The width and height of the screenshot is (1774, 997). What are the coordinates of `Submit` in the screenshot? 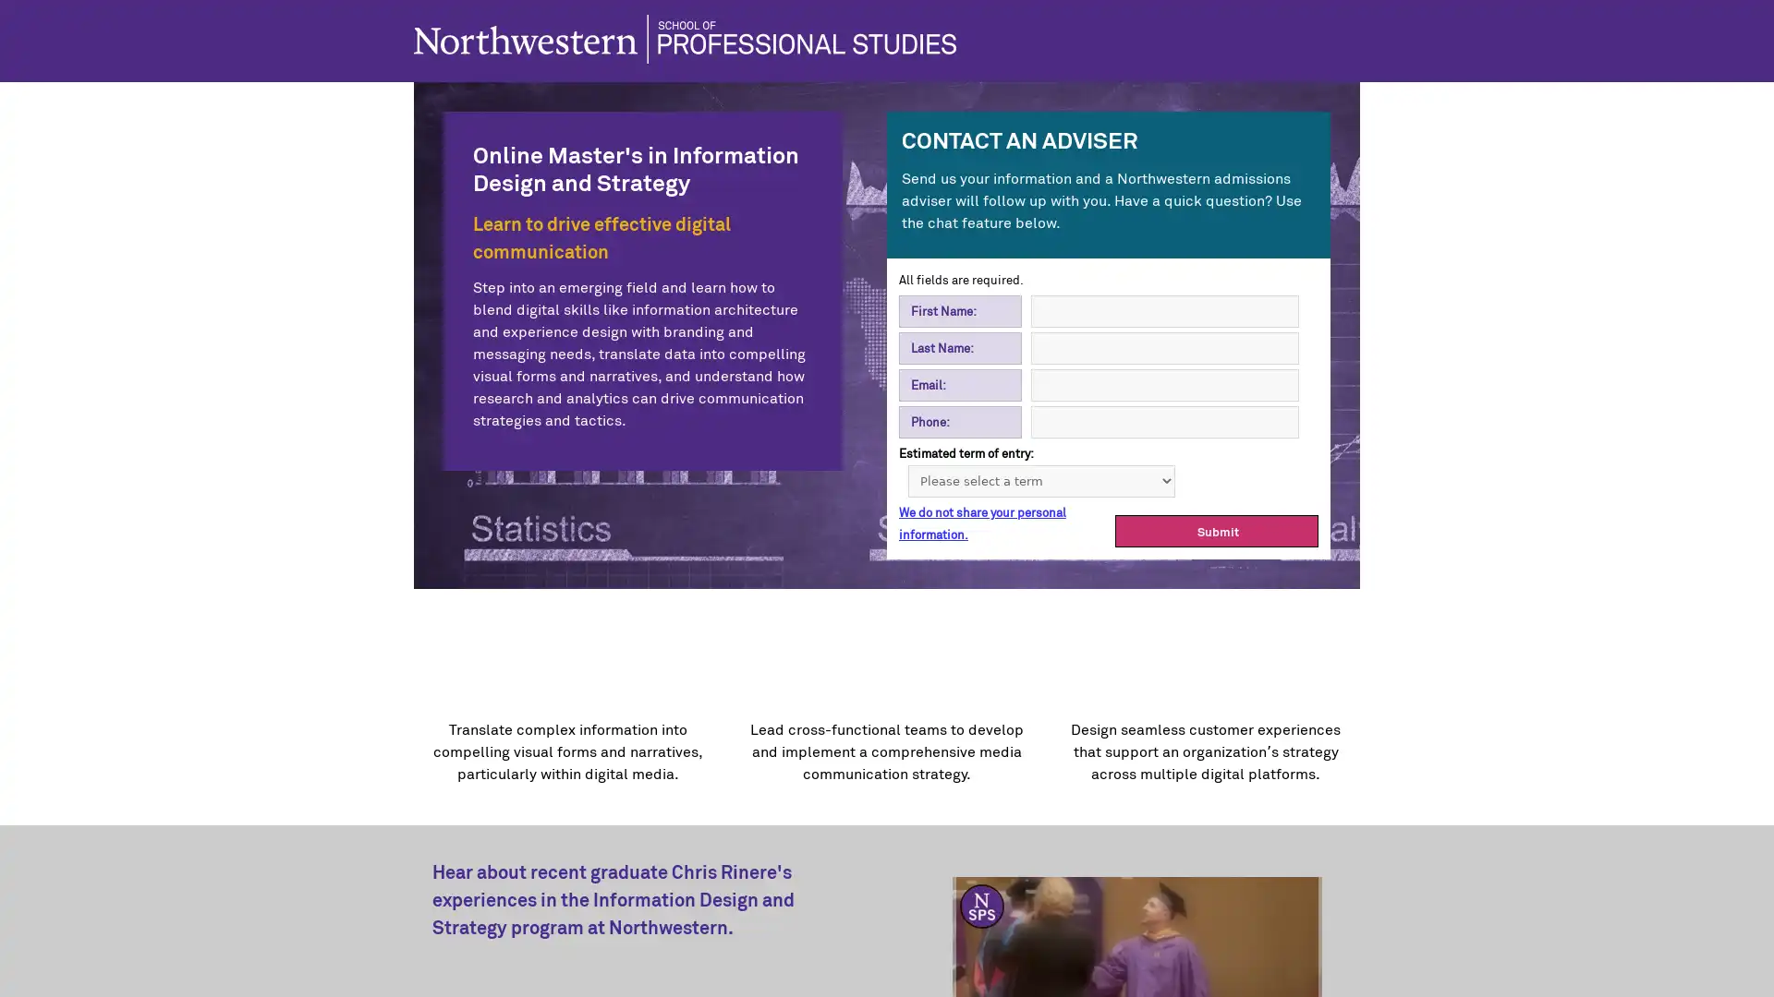 It's located at (1216, 531).